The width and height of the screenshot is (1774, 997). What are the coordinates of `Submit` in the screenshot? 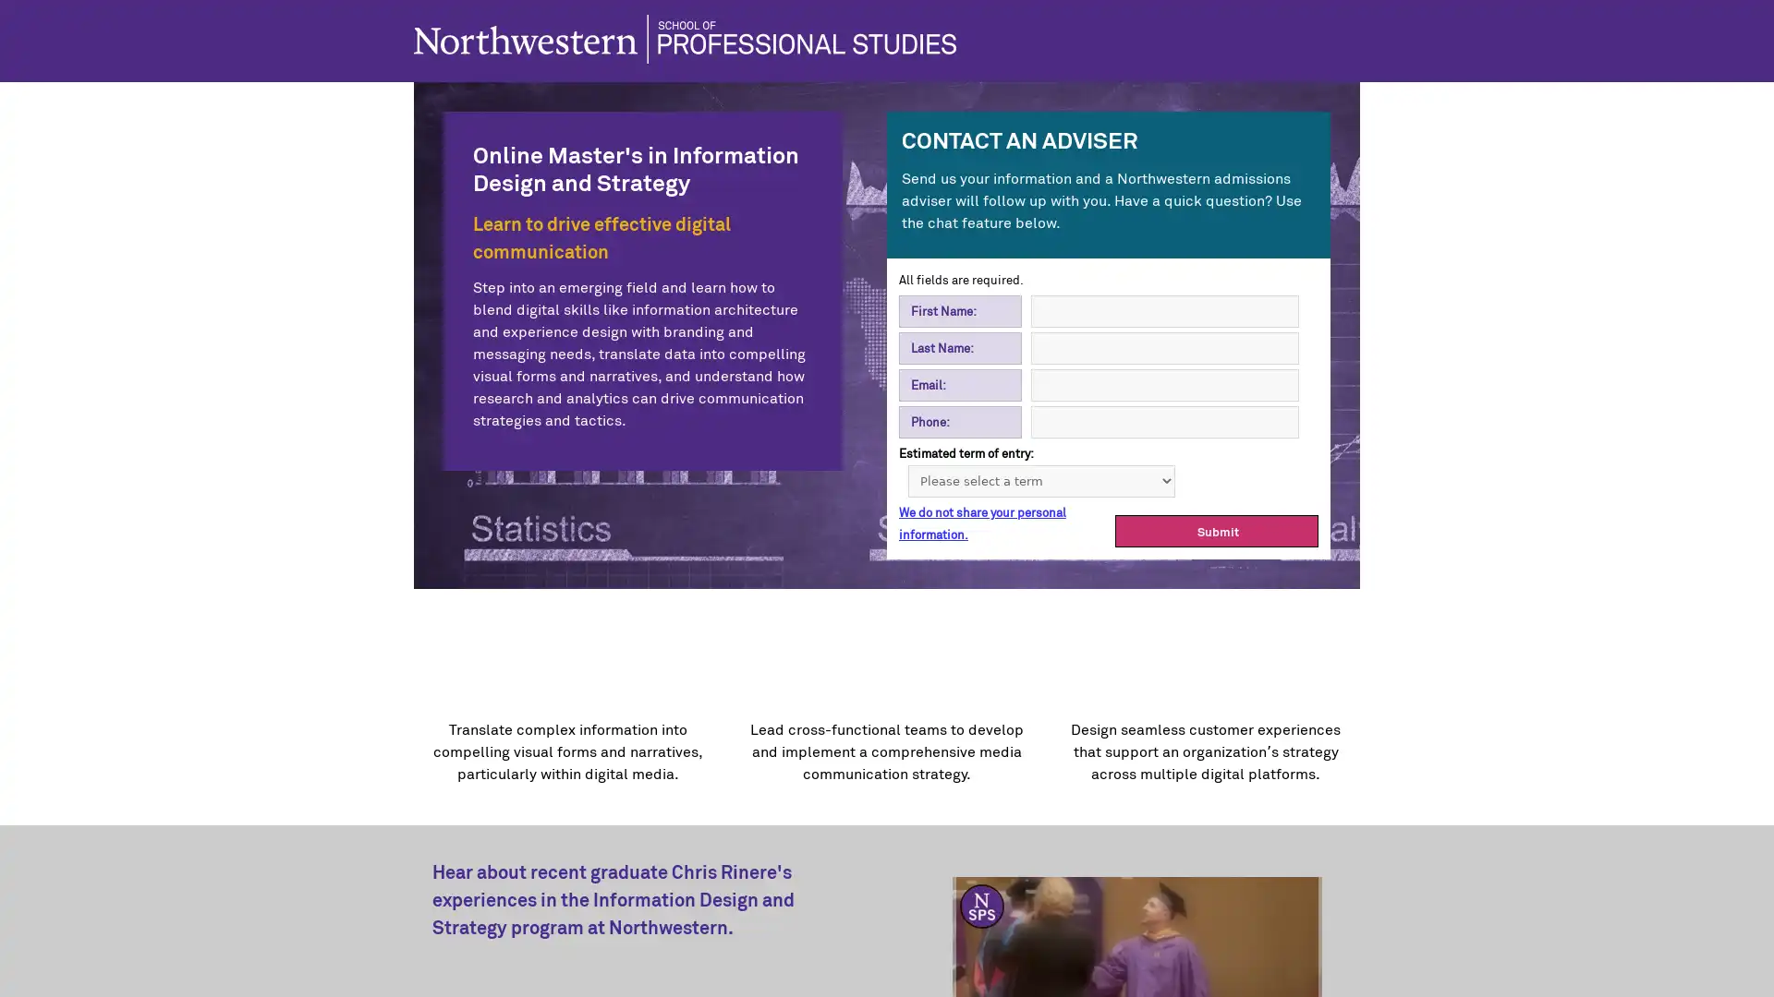 It's located at (1216, 531).